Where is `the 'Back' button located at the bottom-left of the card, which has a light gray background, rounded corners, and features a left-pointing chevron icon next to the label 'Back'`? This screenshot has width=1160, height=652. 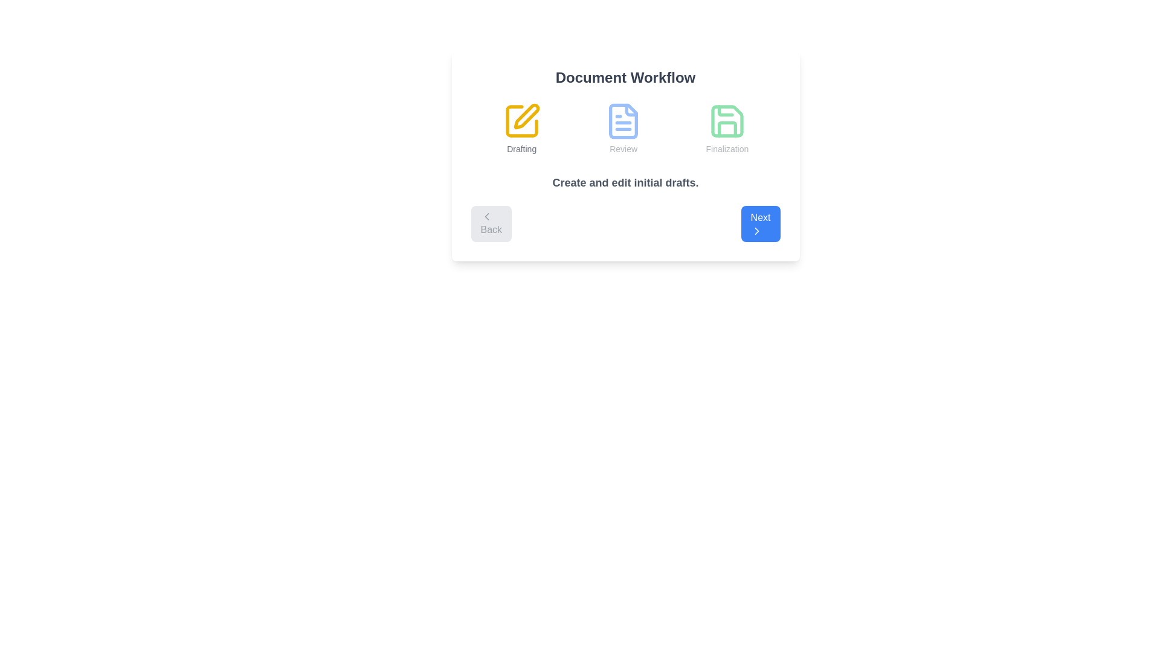
the 'Back' button located at the bottom-left of the card, which has a light gray background, rounded corners, and features a left-pointing chevron icon next to the label 'Back' is located at coordinates (491, 223).